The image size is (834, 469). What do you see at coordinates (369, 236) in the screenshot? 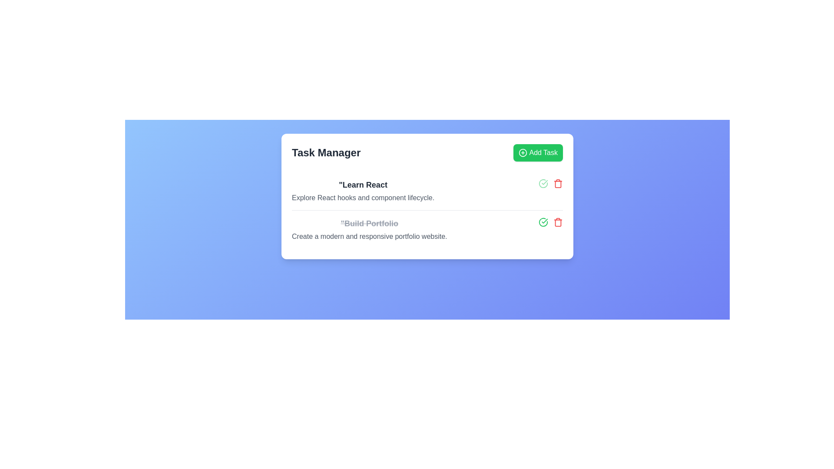
I see `description text that provides additional context for the task related to building a portfolio, which is located under the strikethrough text 'Build Portfolio' in the Task Manager section` at bounding box center [369, 236].